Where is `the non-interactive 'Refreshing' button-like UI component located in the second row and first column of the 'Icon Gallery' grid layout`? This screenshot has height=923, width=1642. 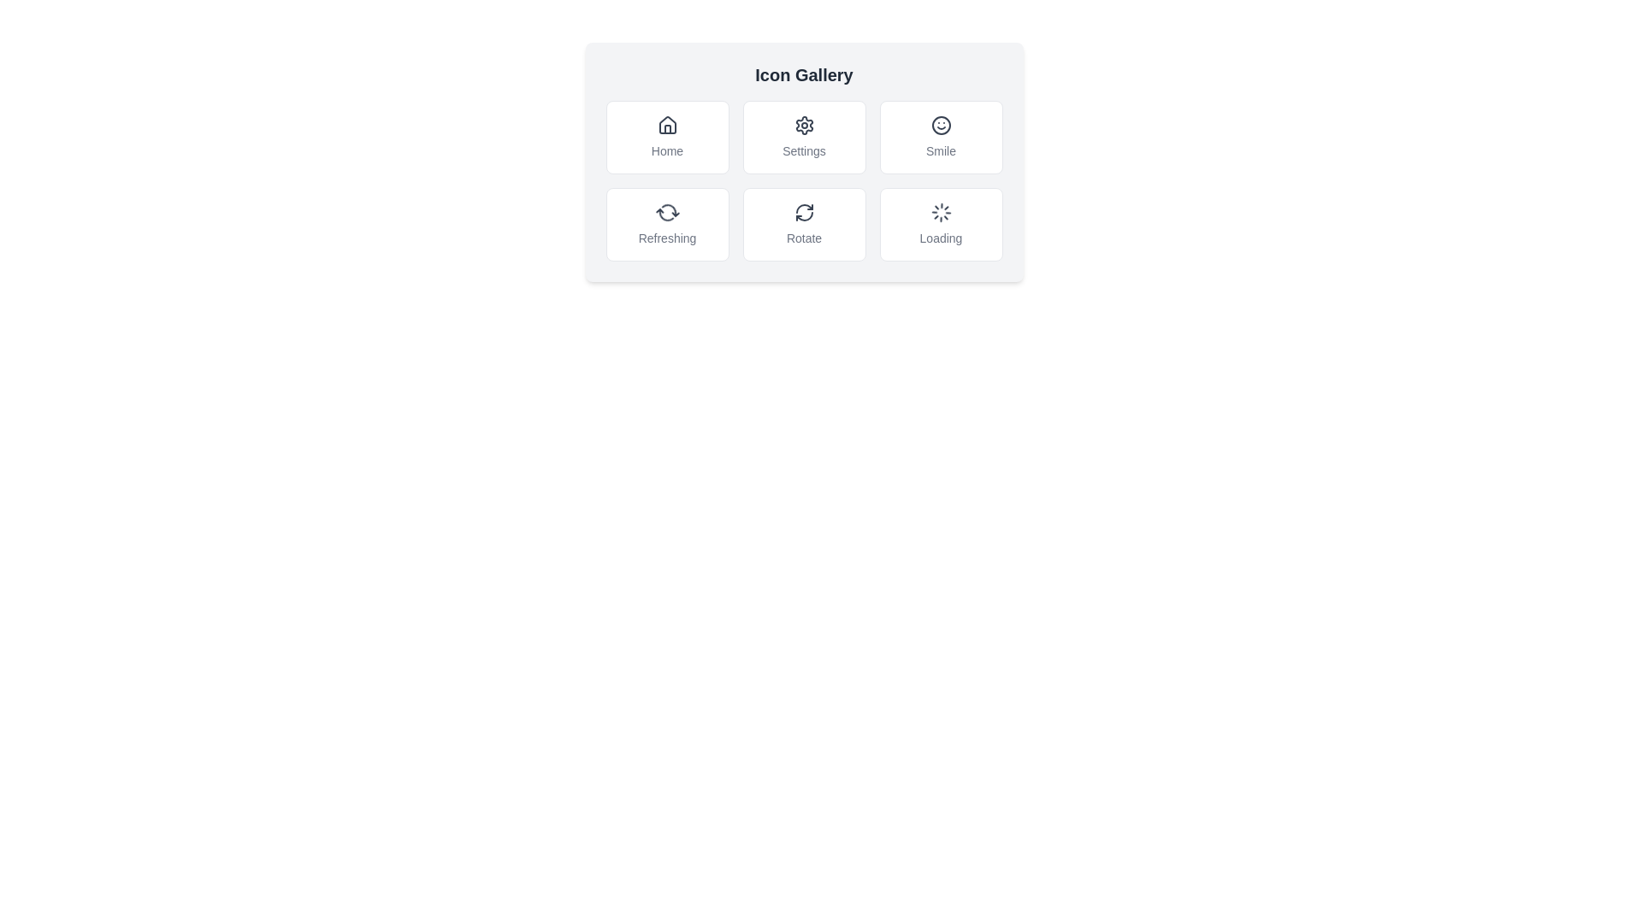
the non-interactive 'Refreshing' button-like UI component located in the second row and first column of the 'Icon Gallery' grid layout is located at coordinates (666, 223).